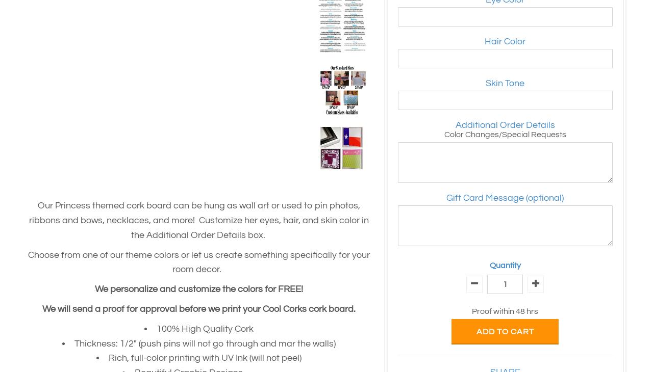 This screenshot has width=653, height=372. What do you see at coordinates (199, 289) in the screenshot?
I see `'We personalize and customize the colors for FREE!'` at bounding box center [199, 289].